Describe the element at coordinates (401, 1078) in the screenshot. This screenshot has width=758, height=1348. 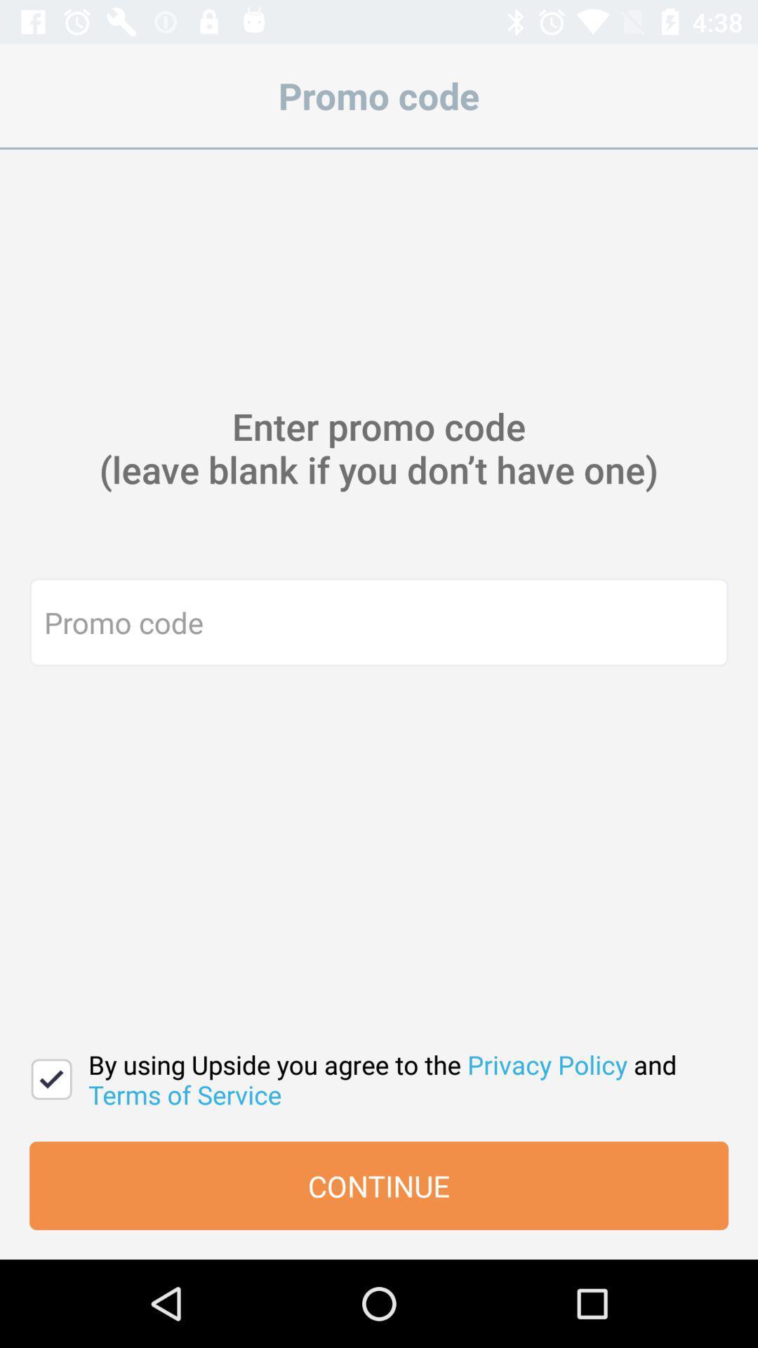
I see `the icon above continue item` at that location.